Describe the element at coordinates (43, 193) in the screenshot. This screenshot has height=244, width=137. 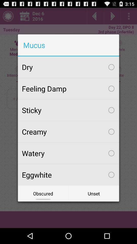
I see `icon next to unset icon` at that location.